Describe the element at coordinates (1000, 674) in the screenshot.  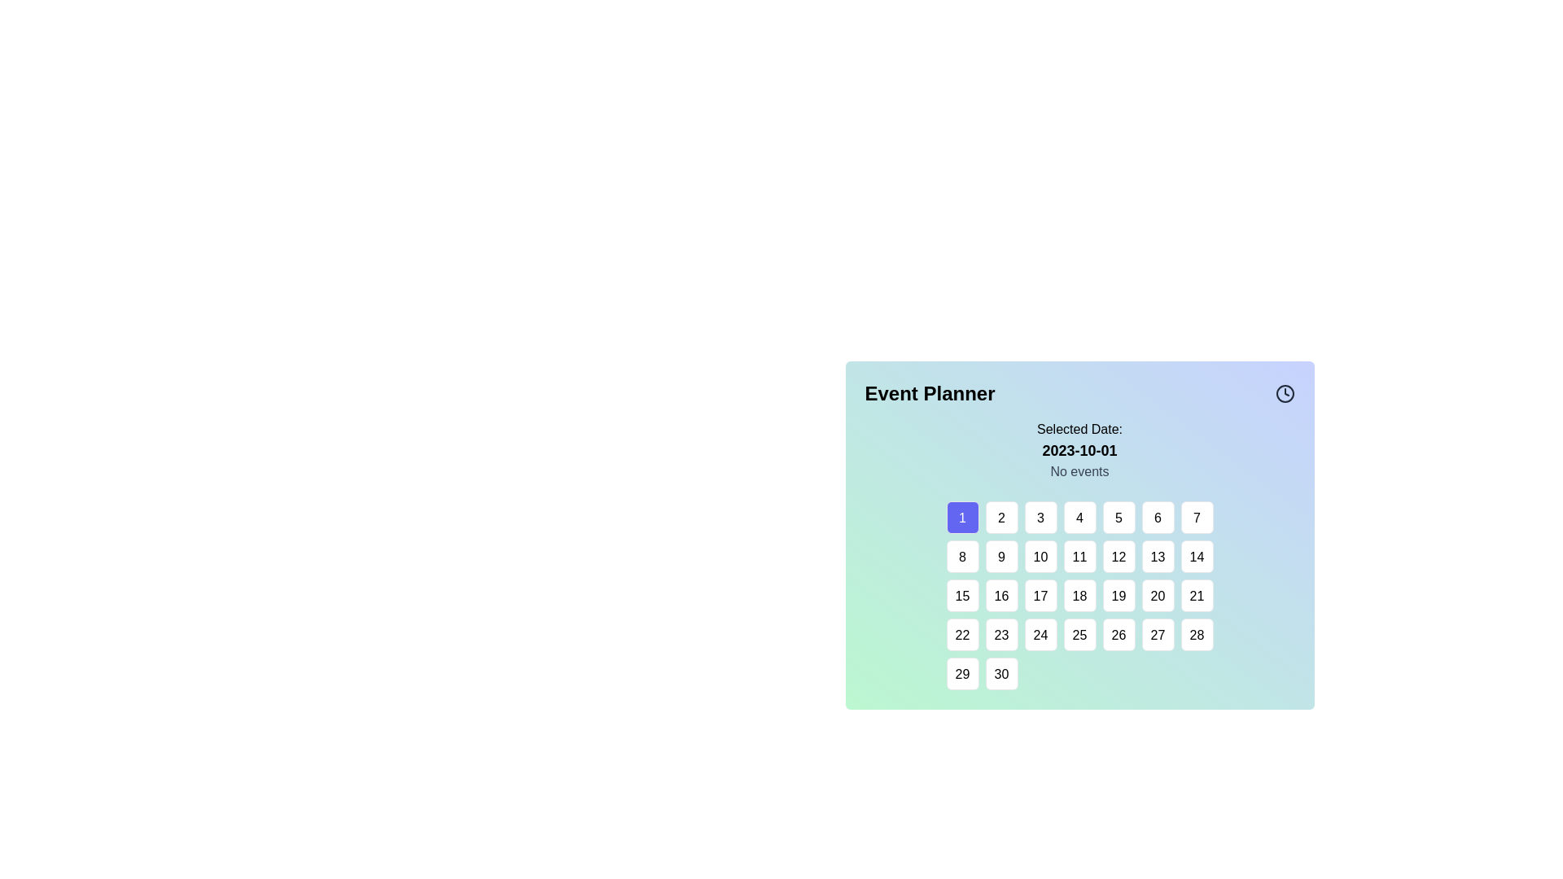
I see `the button representing day '30' on the calendar located in the sixth row and second column of the grid` at that location.